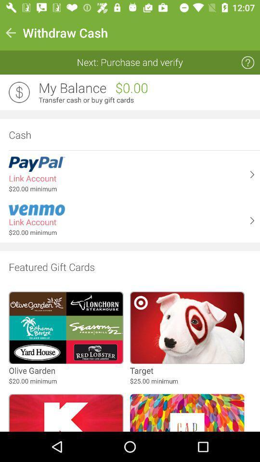  I want to click on the icon below next purchase and item, so click(72, 88).